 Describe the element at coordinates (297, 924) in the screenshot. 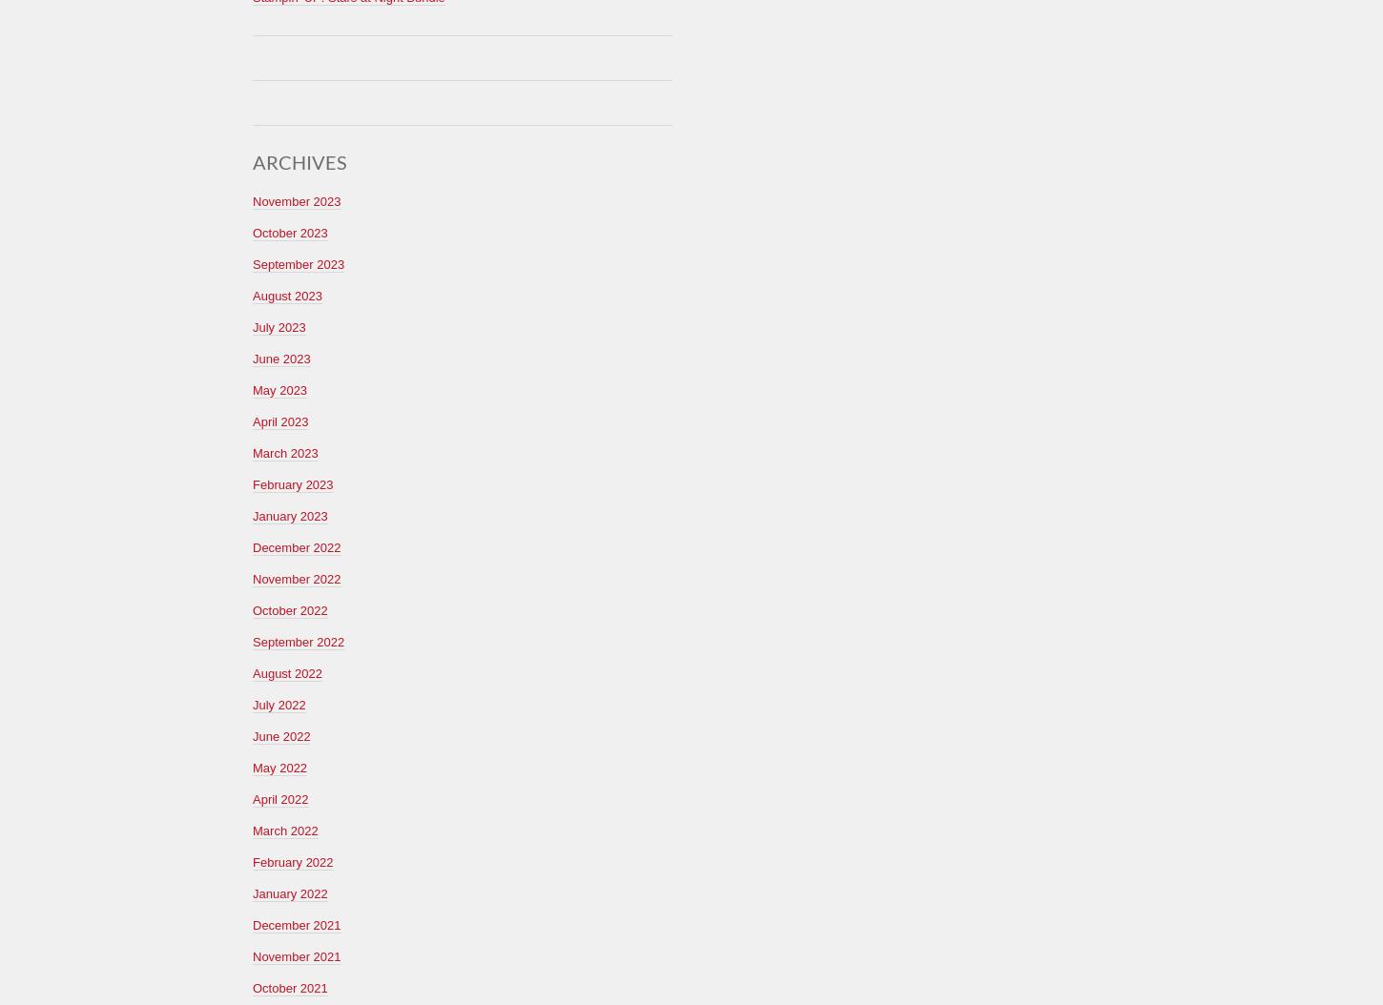

I see `'December 2021'` at that location.